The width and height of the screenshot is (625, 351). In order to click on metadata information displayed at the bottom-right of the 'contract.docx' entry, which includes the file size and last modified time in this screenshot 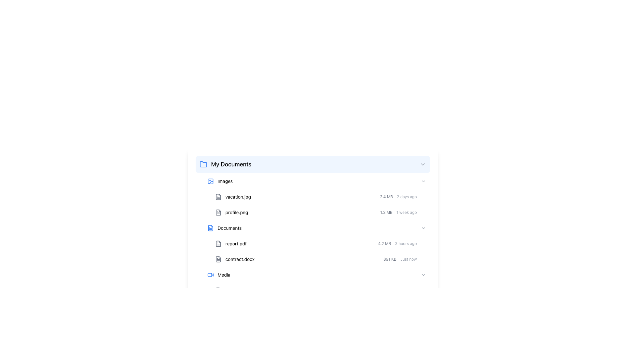, I will do `click(404, 259)`.